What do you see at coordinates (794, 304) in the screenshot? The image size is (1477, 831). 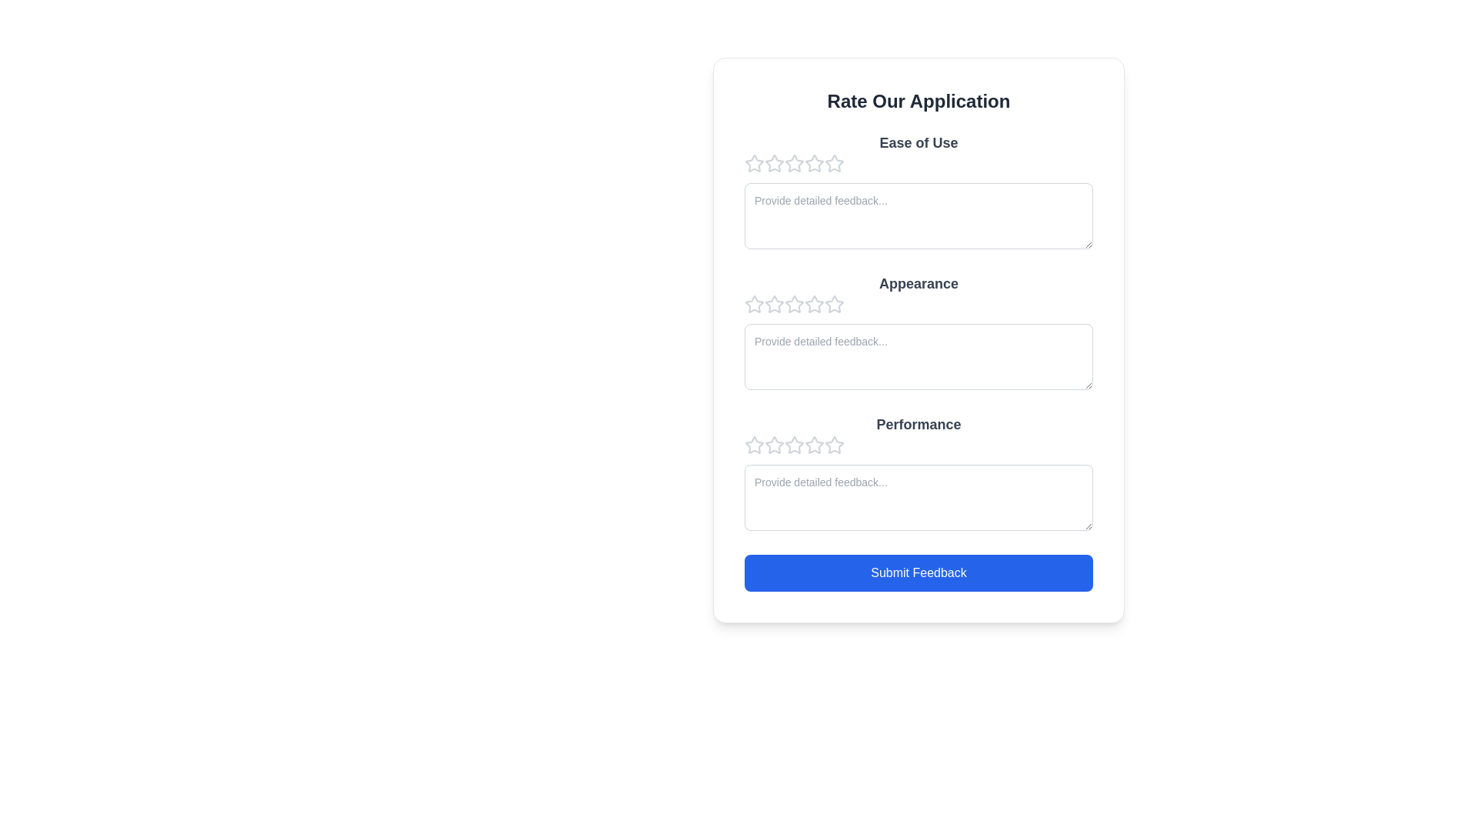 I see `the second star icon in the rating component labeled 'Appearance'` at bounding box center [794, 304].